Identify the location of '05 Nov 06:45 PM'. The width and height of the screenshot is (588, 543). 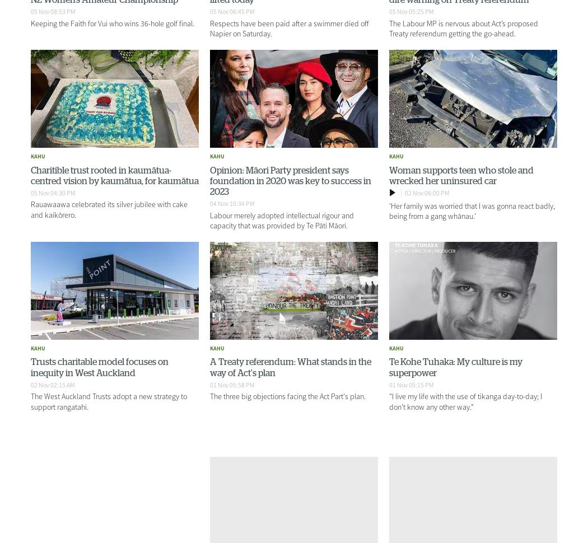
(231, 11).